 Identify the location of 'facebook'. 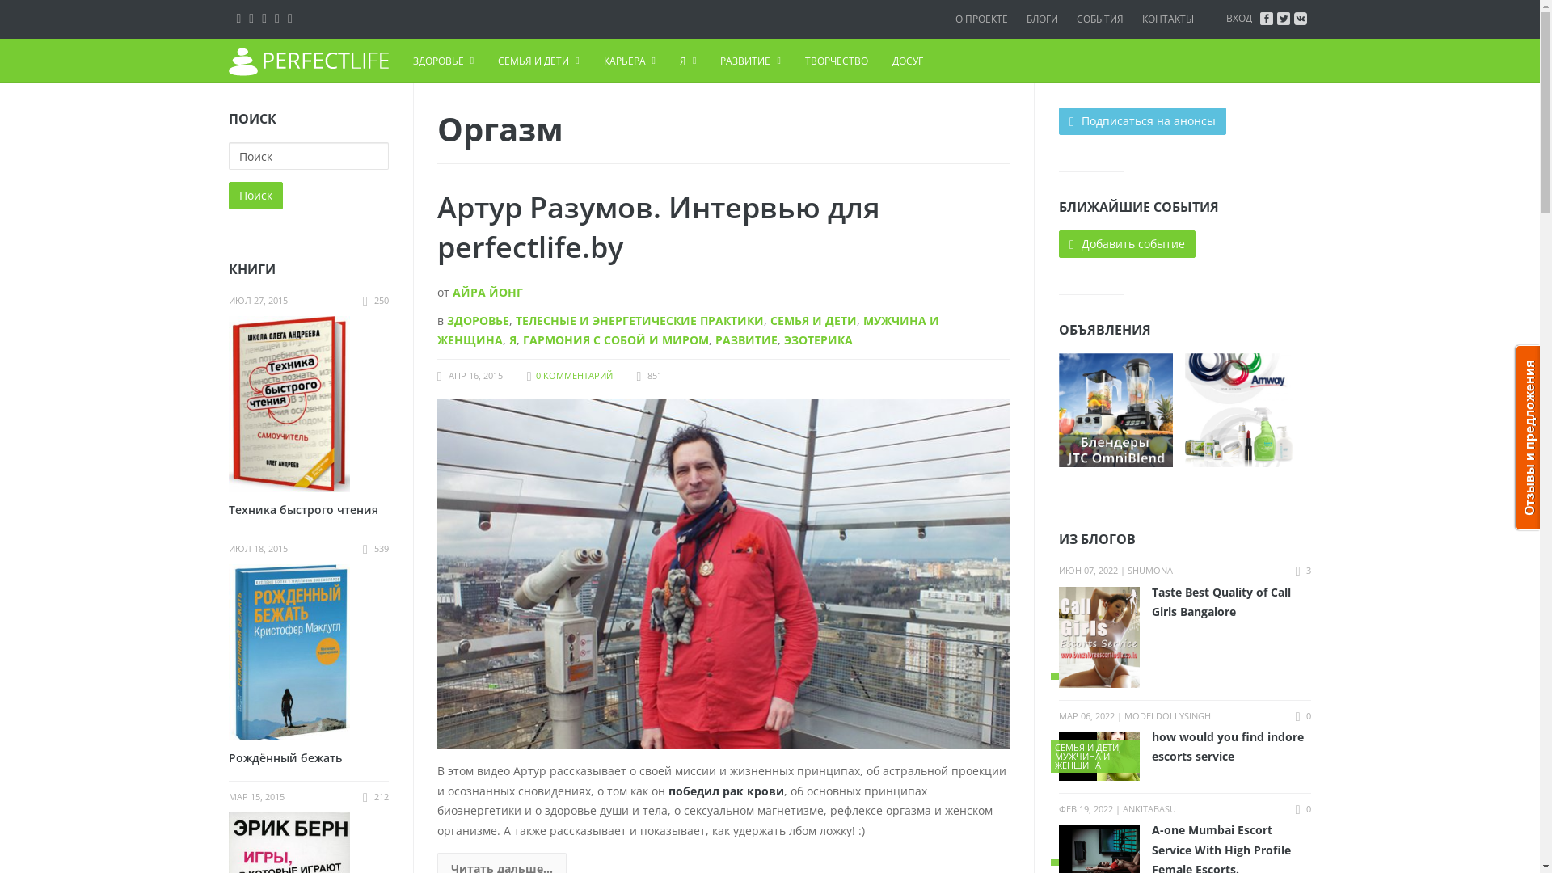
(1265, 19).